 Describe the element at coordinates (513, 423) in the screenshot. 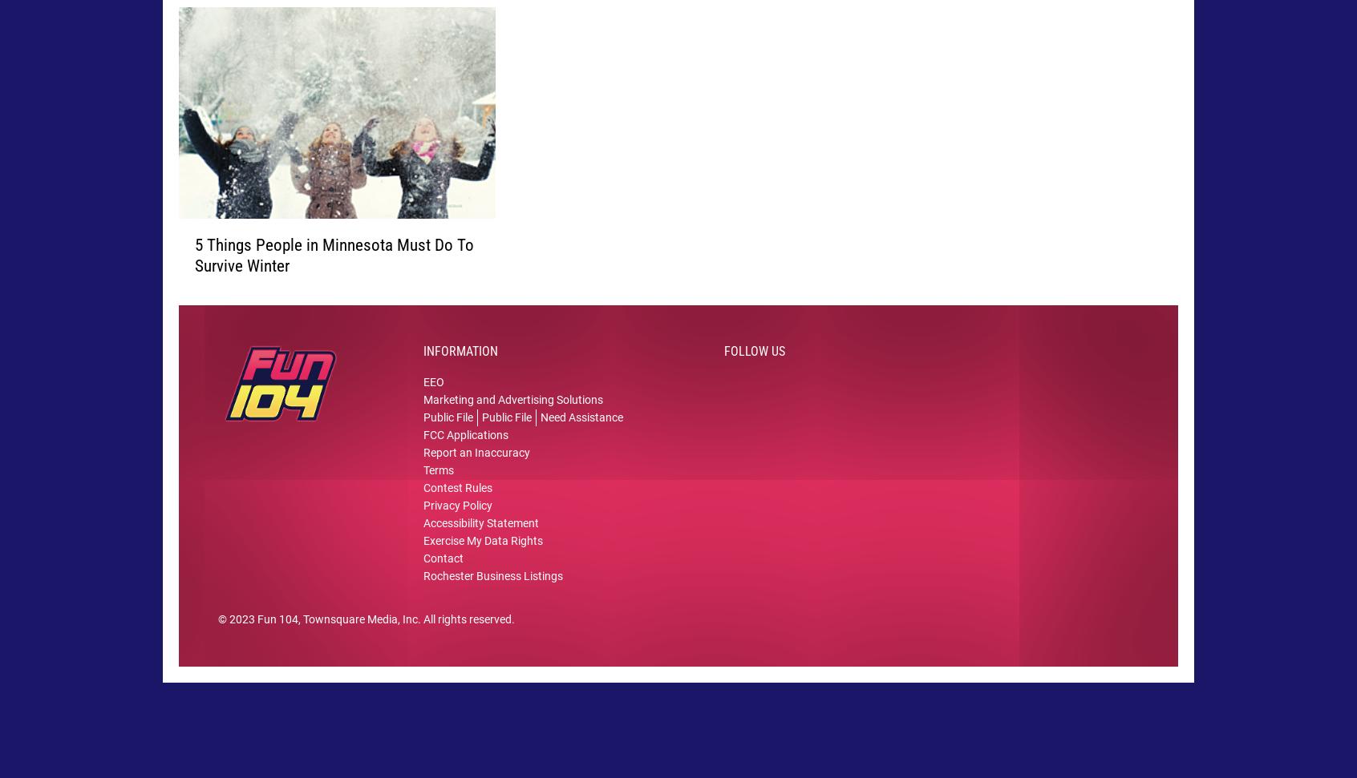

I see `'Marketing and Advertising Solutions'` at that location.